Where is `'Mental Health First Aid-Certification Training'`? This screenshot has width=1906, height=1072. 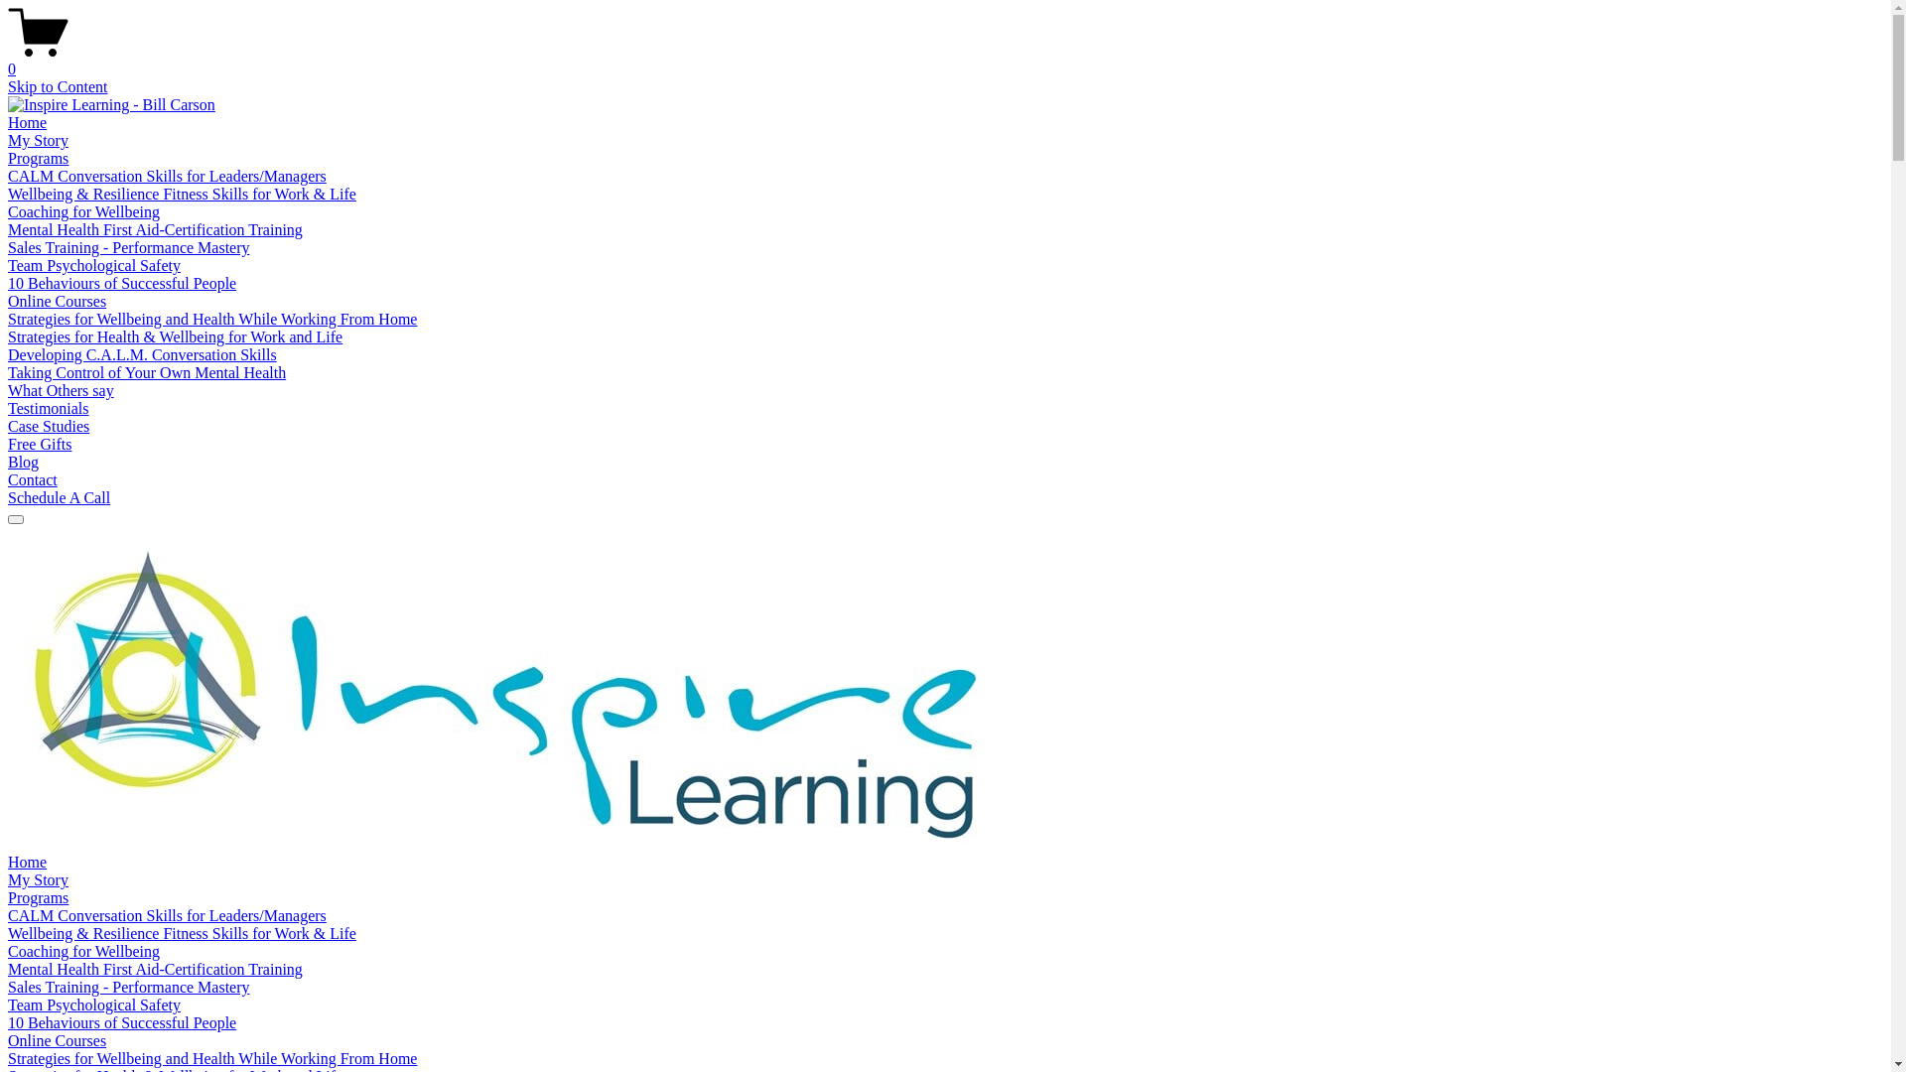 'Mental Health First Aid-Certification Training' is located at coordinates (154, 968).